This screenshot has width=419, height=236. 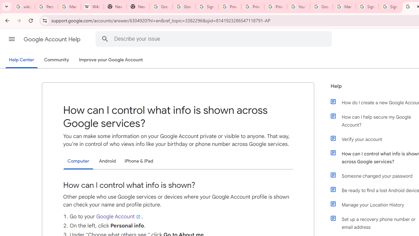 I want to click on 'Help Center', so click(x=21, y=60).